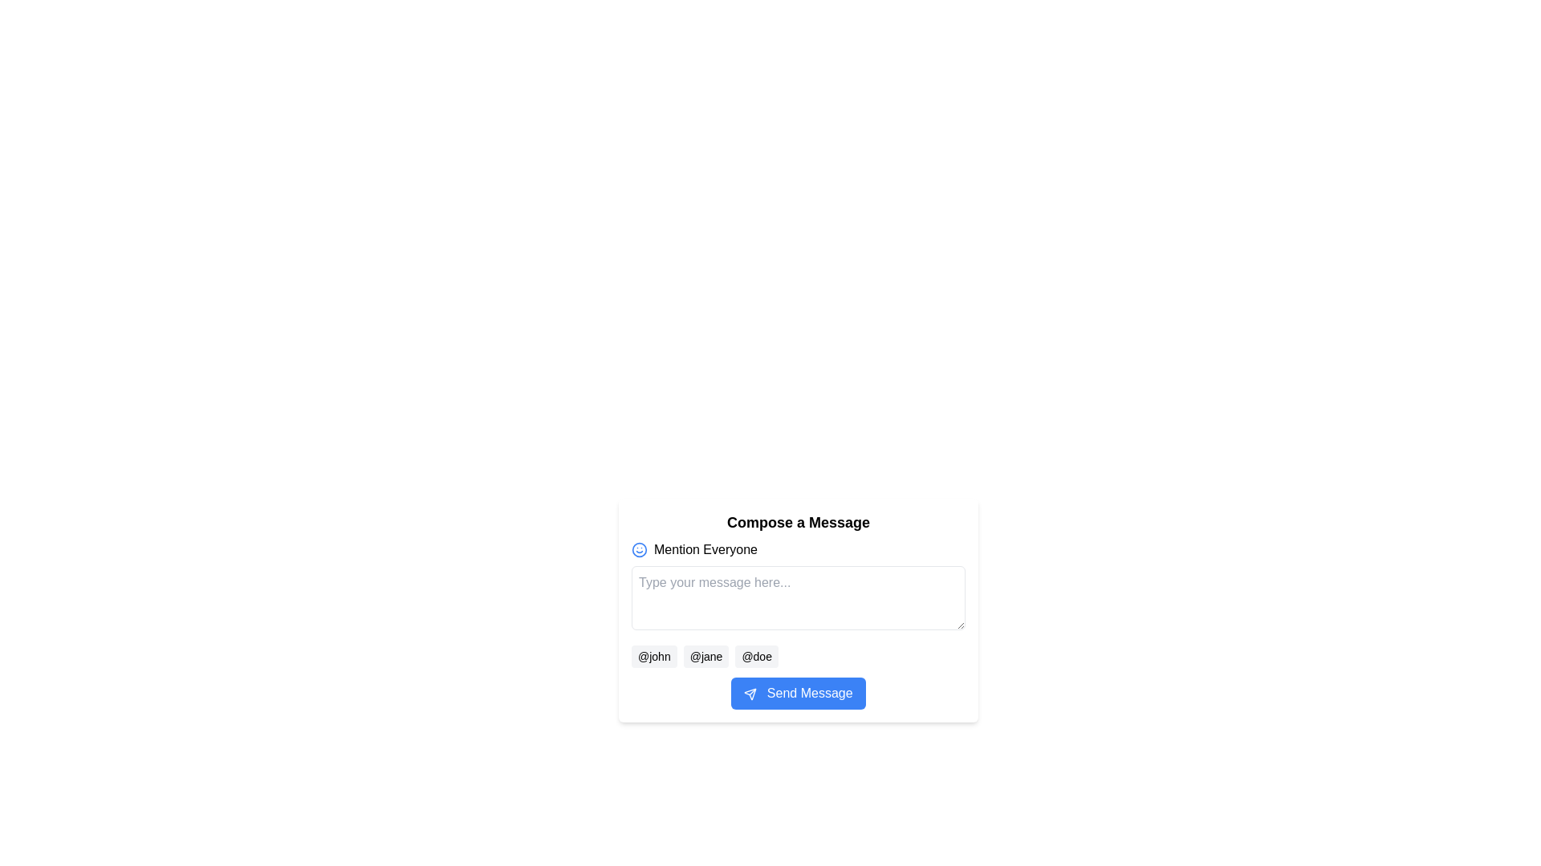 This screenshot has width=1541, height=866. I want to click on the SVG-based 'Send Message' icon located inside the blue rectangular button at the bottom-right section of the messaging interface, so click(750, 693).